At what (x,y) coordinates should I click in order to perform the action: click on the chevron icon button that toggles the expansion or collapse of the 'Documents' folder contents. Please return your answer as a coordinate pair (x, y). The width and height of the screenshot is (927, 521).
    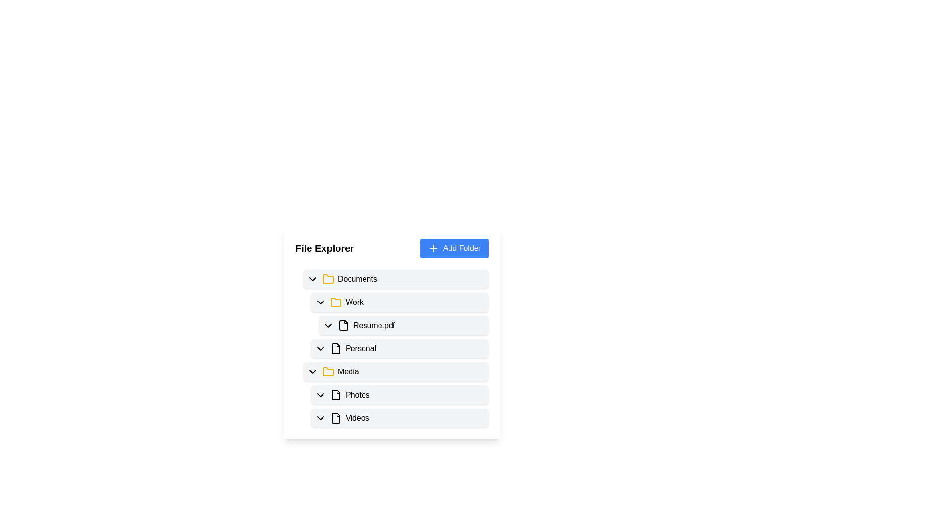
    Looking at the image, I should click on (313, 279).